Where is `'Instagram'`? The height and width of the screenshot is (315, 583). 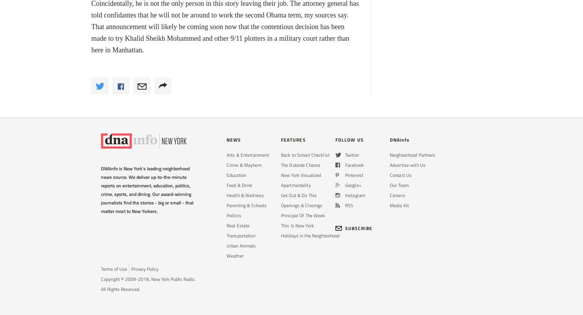
'Instagram' is located at coordinates (355, 195).